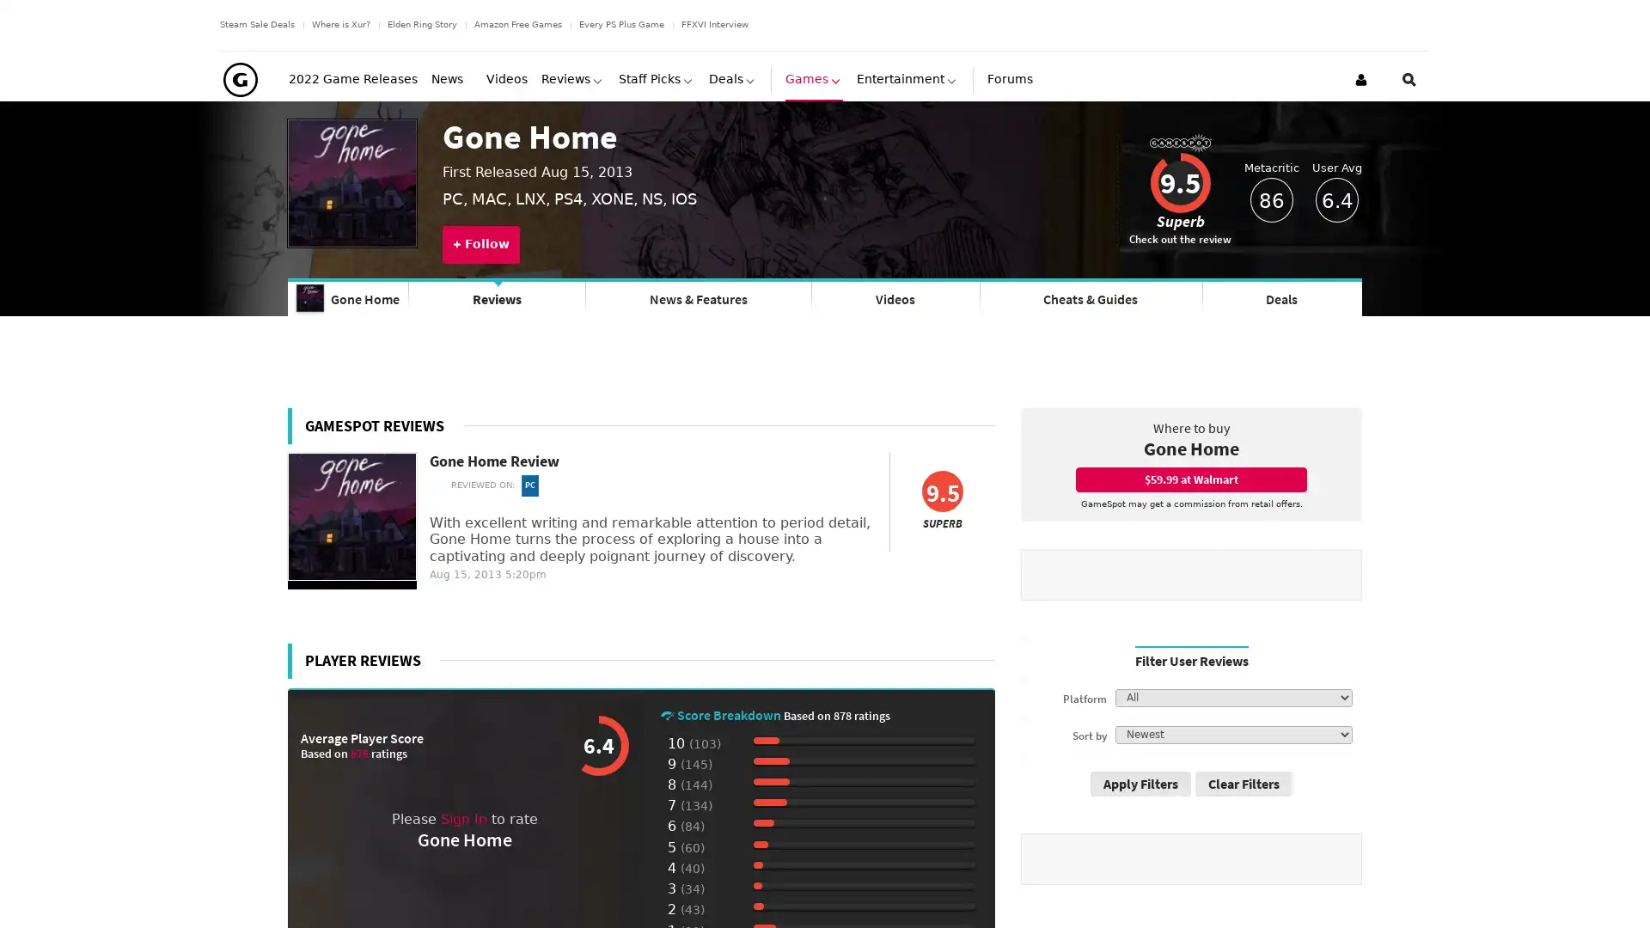 The image size is (1650, 928). Describe the element at coordinates (1409, 79) in the screenshot. I see `Open Site Search` at that location.